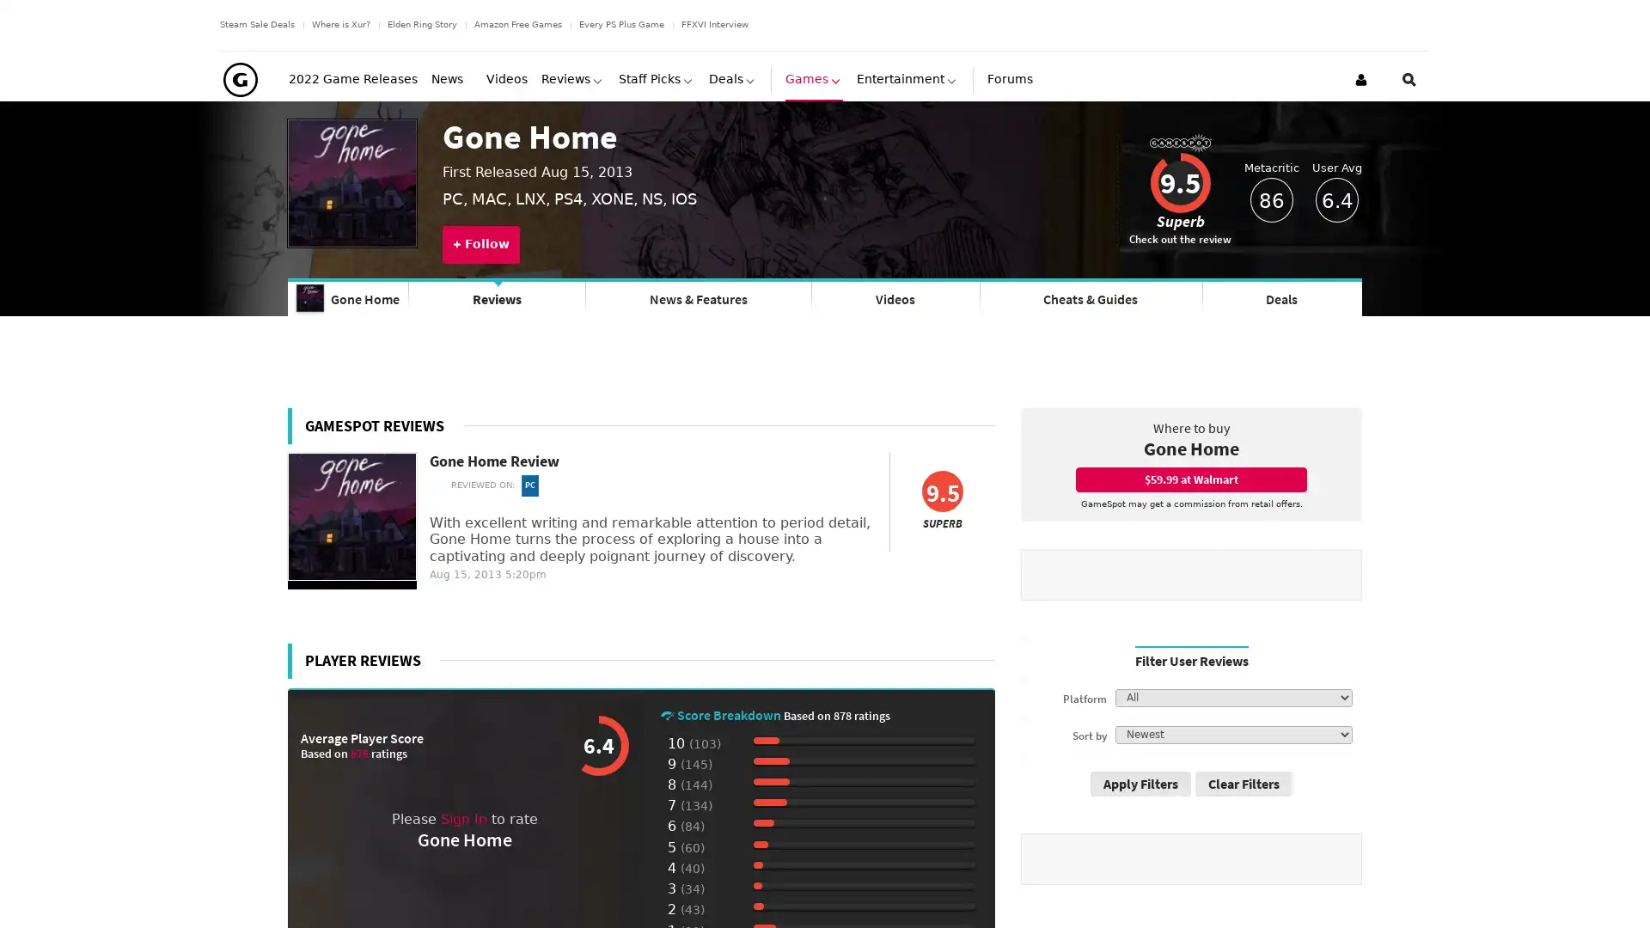 The image size is (1650, 928). Describe the element at coordinates (1409, 79) in the screenshot. I see `Open Site Search` at that location.